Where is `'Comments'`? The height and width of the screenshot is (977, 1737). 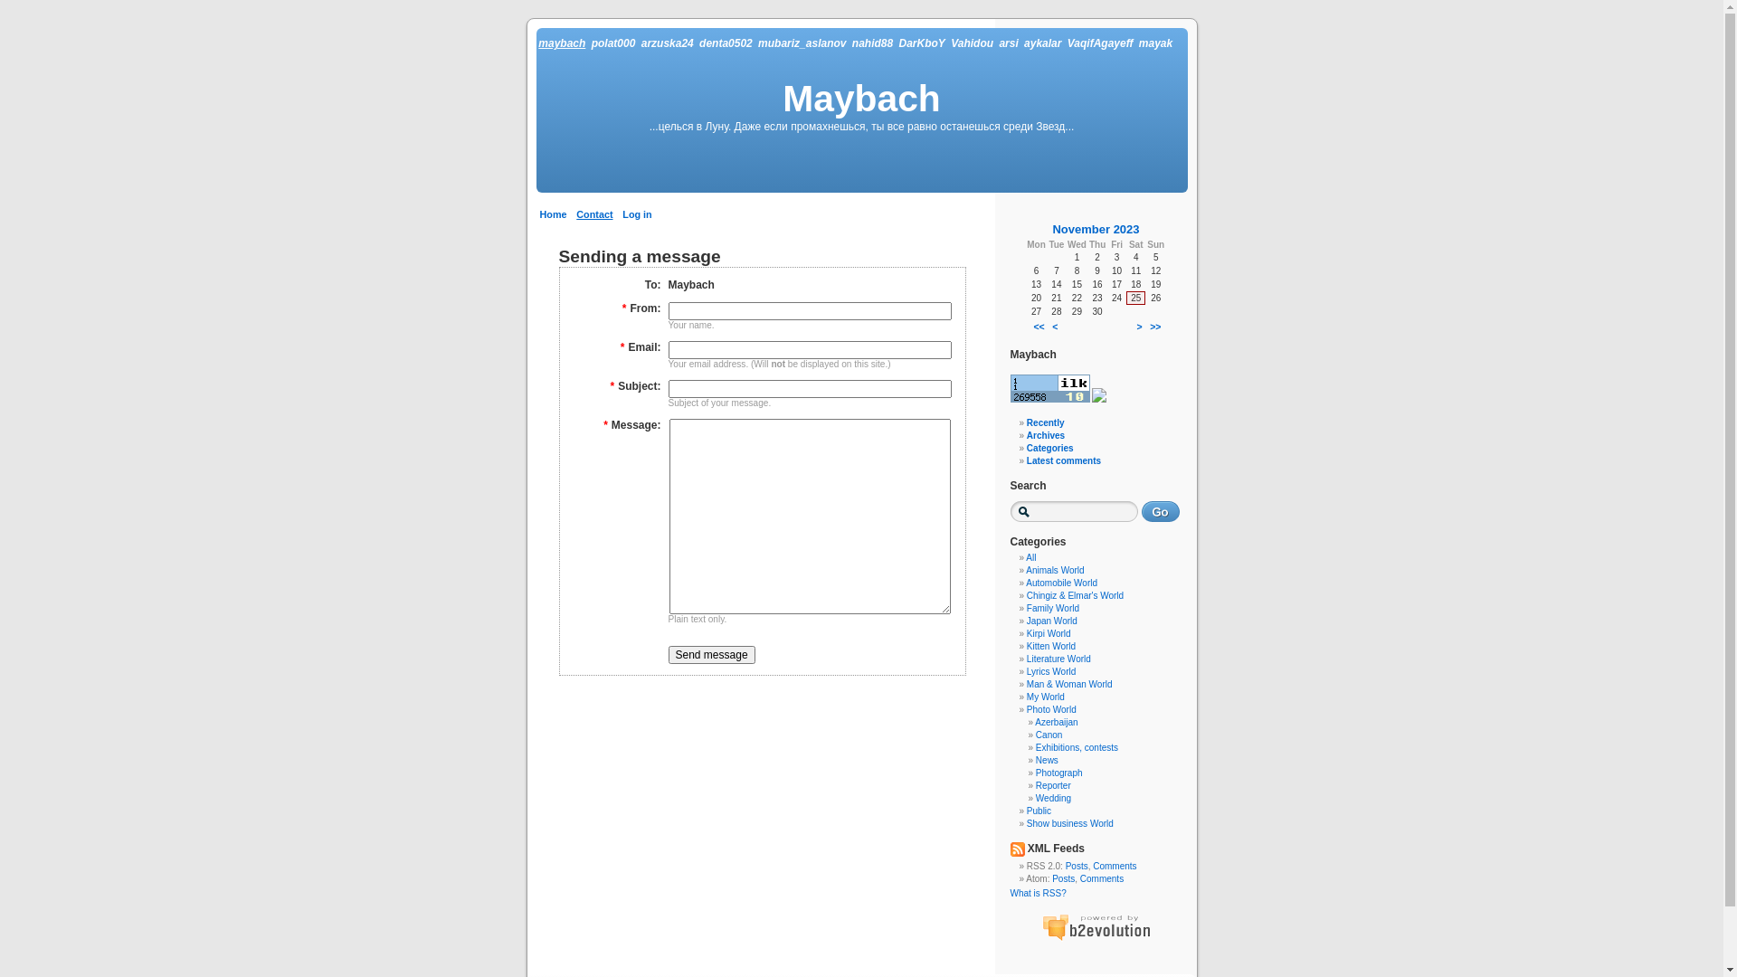
'Comments' is located at coordinates (1101, 877).